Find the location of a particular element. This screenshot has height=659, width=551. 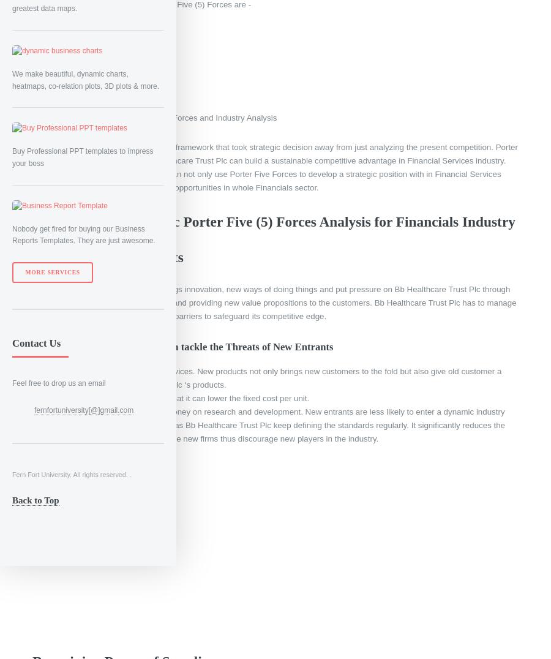

'Threats of New Entrants' is located at coordinates (108, 257).